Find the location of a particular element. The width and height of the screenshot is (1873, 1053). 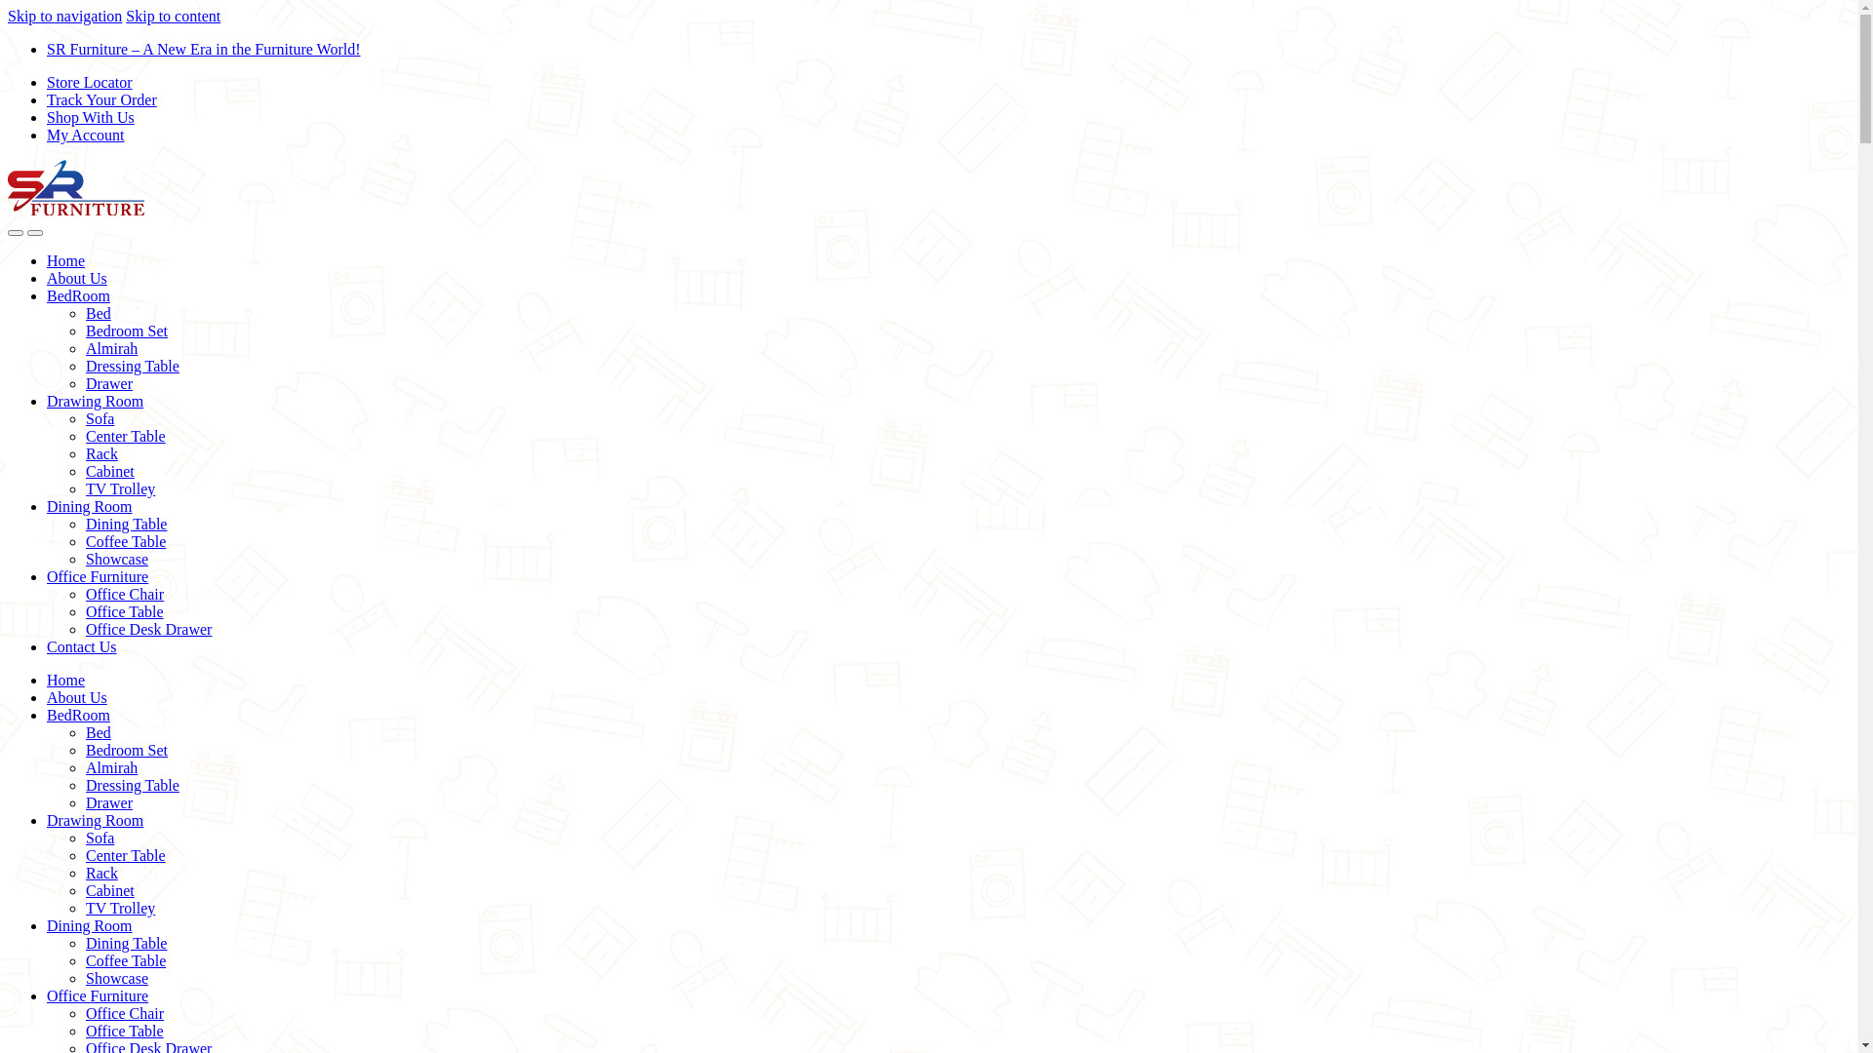

'BedRoom' is located at coordinates (78, 295).